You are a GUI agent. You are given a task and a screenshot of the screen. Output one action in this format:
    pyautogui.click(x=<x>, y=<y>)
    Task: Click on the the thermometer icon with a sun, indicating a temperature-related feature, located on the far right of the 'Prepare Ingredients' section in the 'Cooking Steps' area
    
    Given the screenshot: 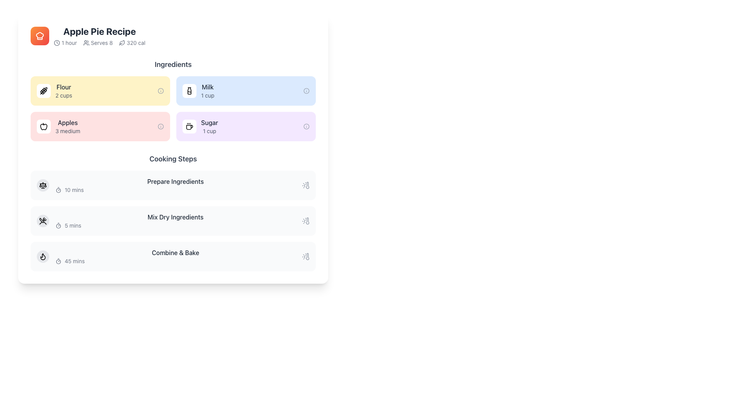 What is the action you would take?
    pyautogui.click(x=305, y=185)
    